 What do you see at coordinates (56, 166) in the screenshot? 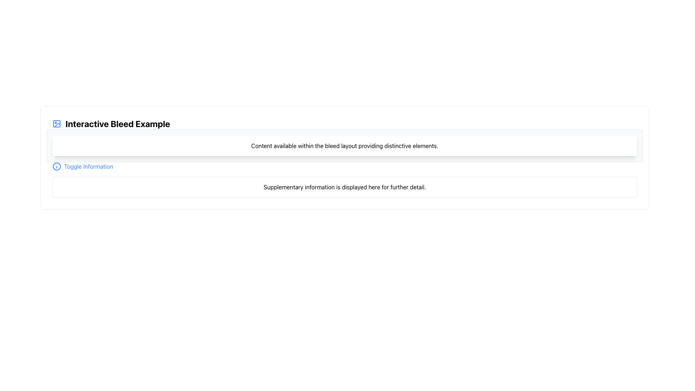
I see `the icon located to the left of the 'Toggle Information' text` at bounding box center [56, 166].